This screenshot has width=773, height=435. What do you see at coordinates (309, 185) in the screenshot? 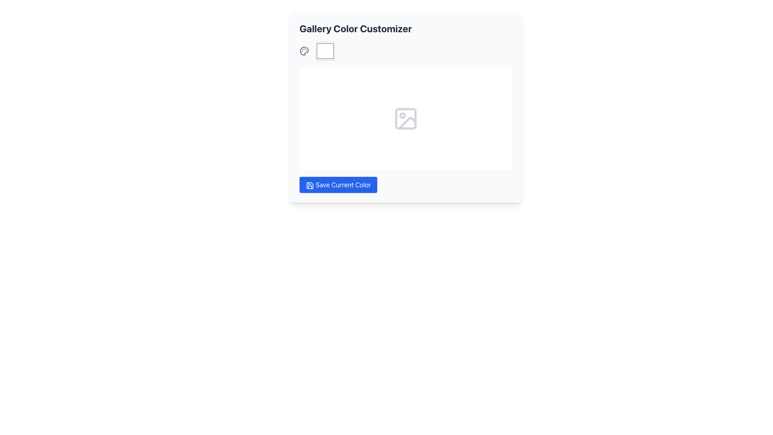
I see `the save icon` at bounding box center [309, 185].